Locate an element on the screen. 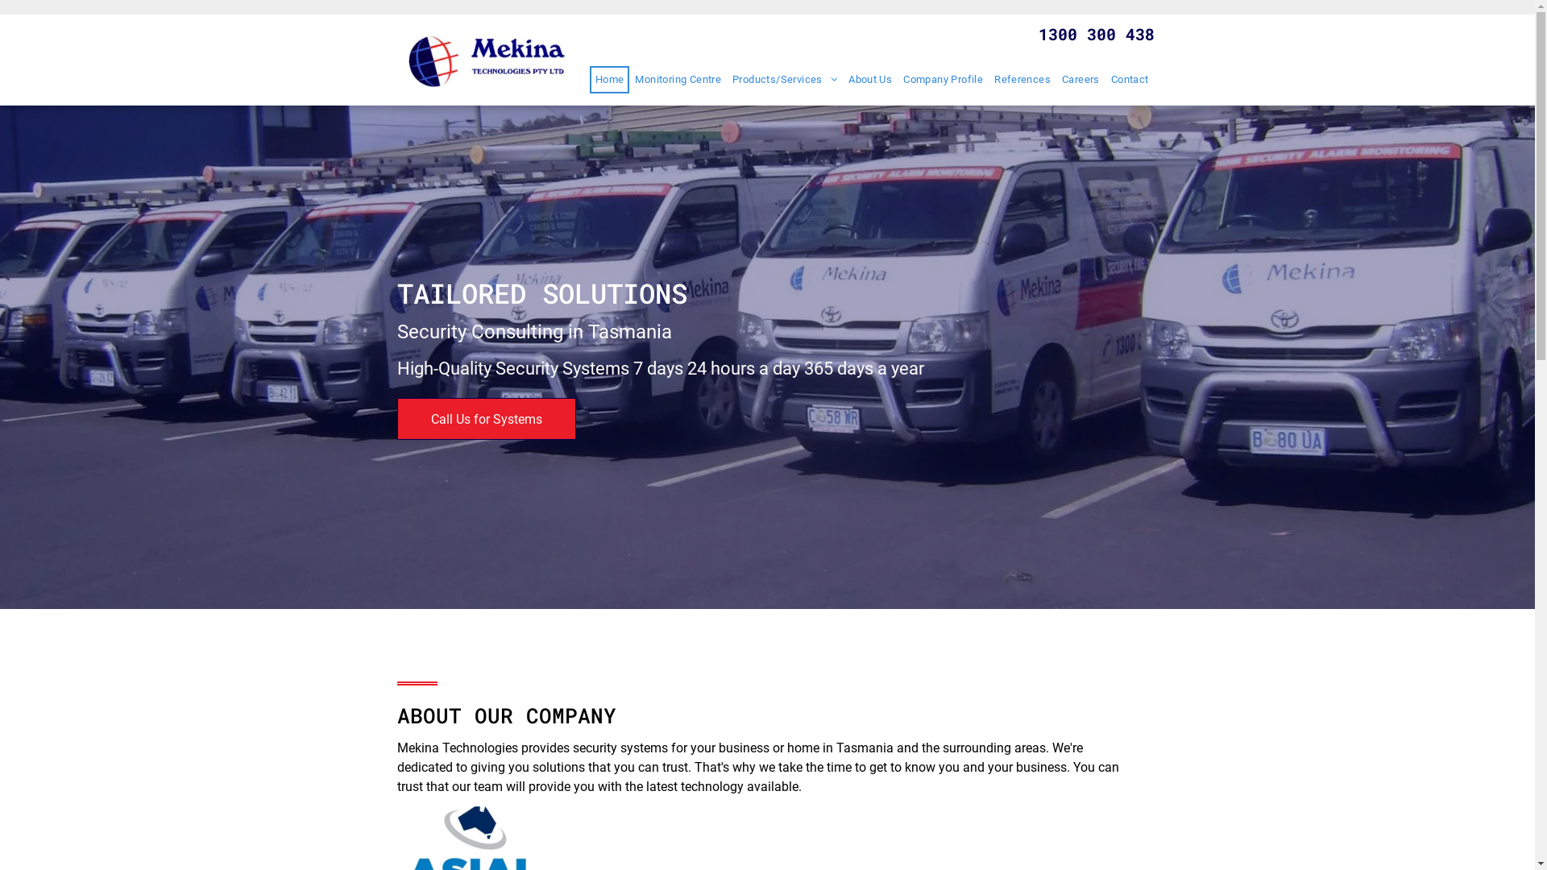  'Products/Services' is located at coordinates (785, 80).